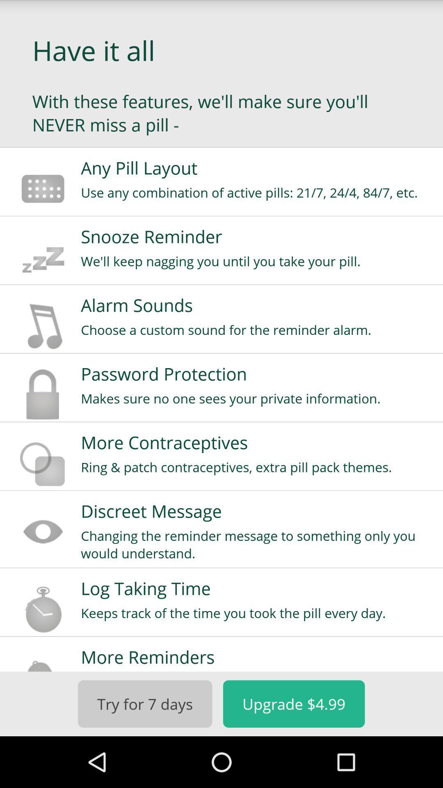  Describe the element at coordinates (256, 442) in the screenshot. I see `the more contraceptives` at that location.